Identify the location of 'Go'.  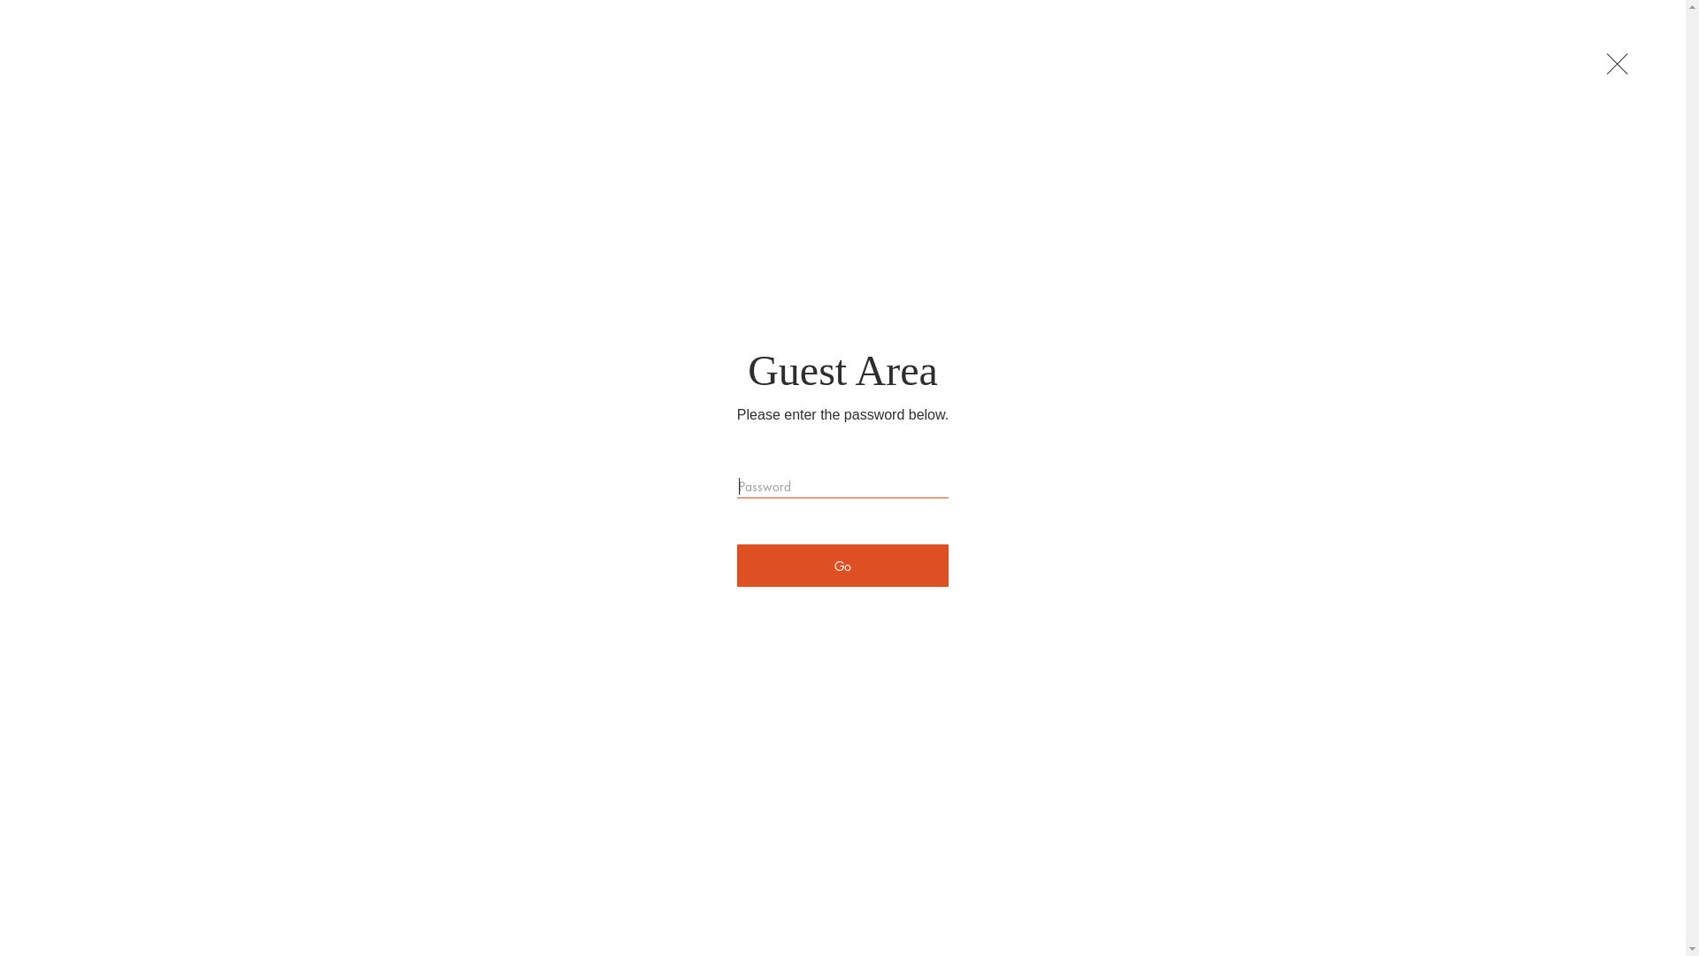
(737, 566).